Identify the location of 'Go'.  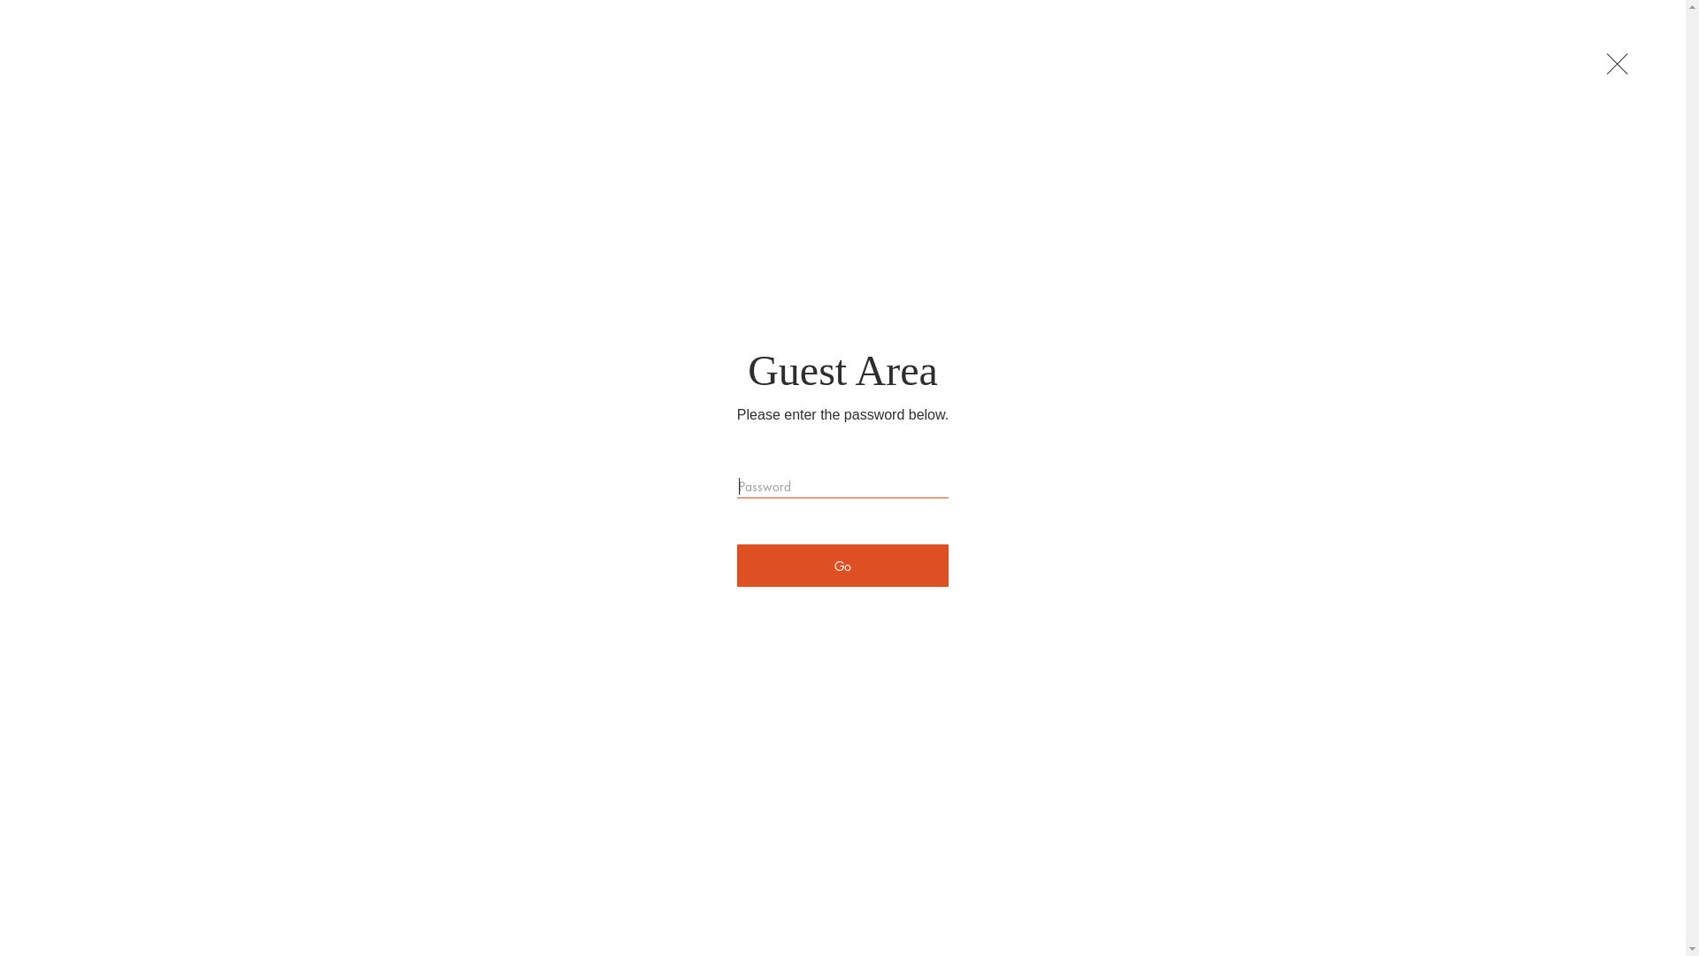
(737, 566).